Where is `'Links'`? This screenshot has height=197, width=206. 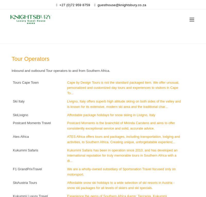
'Links' is located at coordinates (108, 37).